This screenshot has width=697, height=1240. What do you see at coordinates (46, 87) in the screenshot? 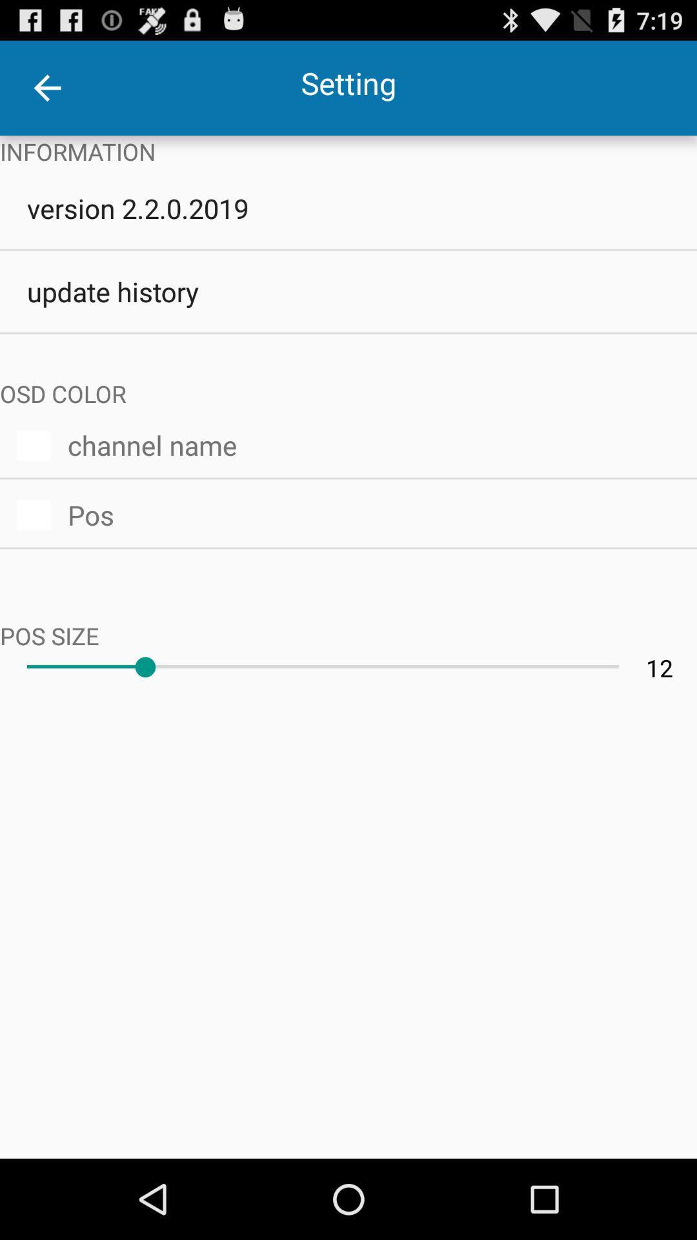
I see `the item to the left of the setting` at bounding box center [46, 87].